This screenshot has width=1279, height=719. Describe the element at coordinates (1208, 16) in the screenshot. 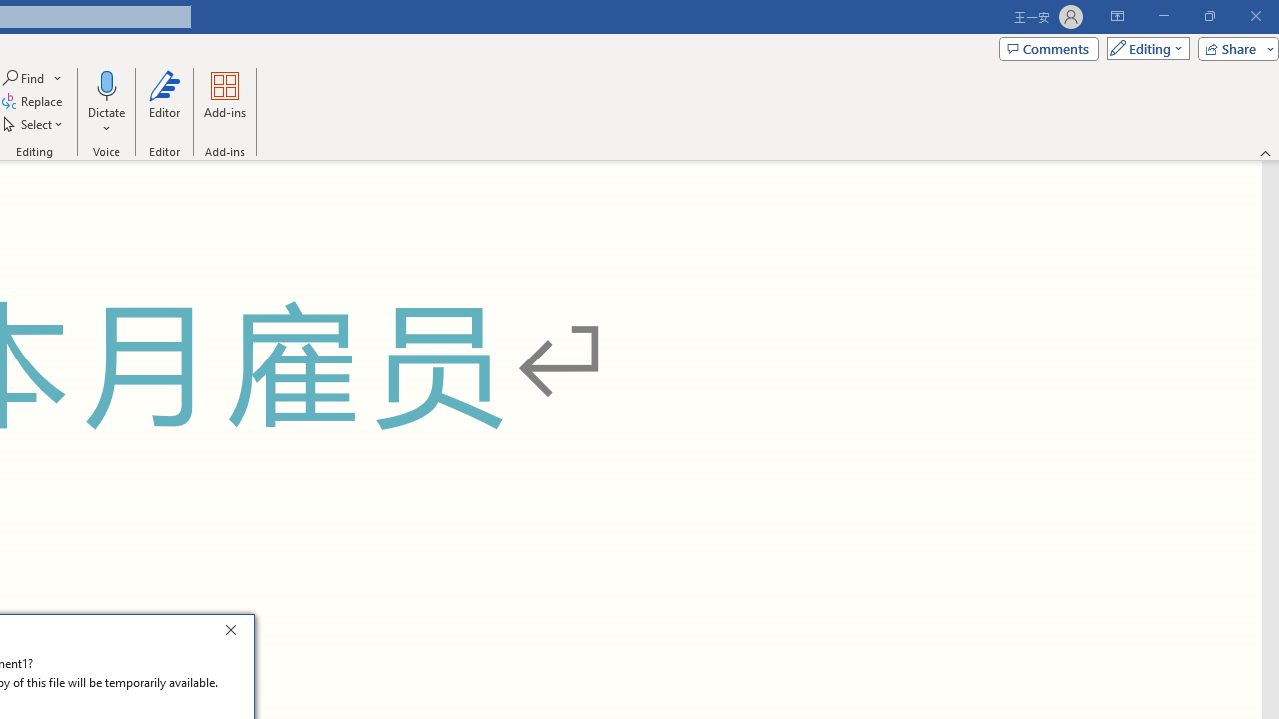

I see `'Restore Down'` at that location.